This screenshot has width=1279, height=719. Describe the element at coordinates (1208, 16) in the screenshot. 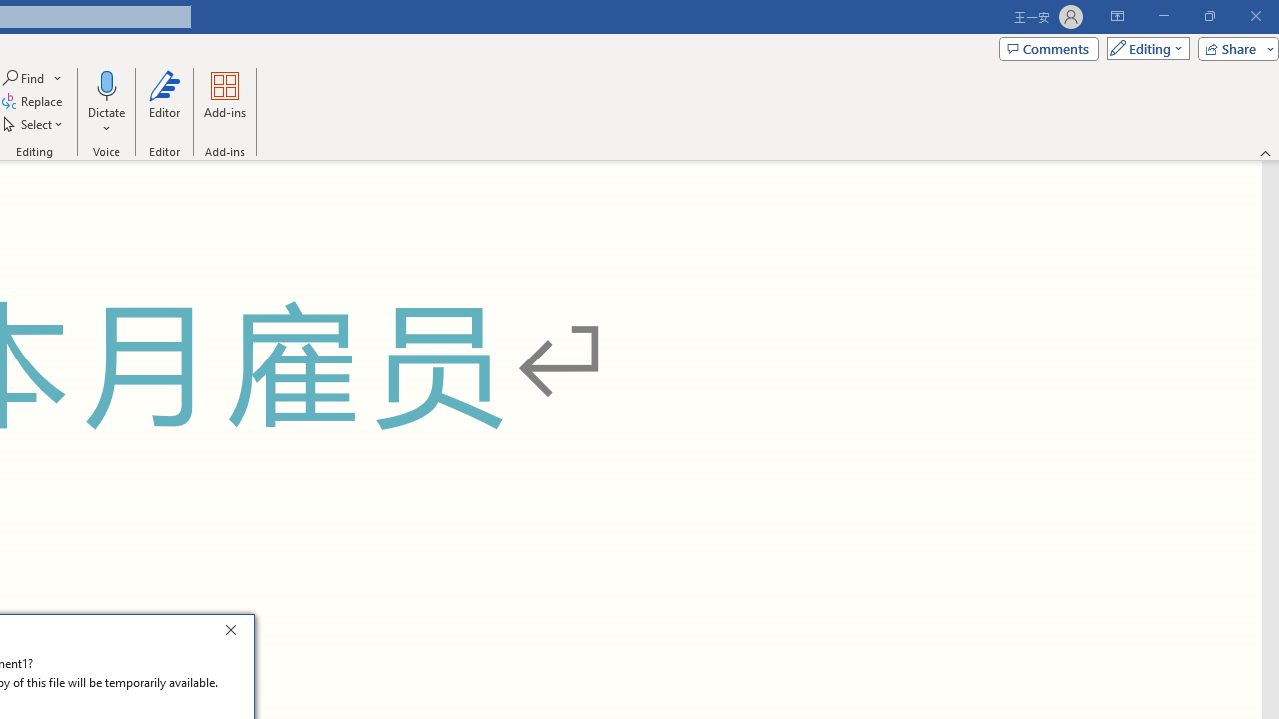

I see `'Restore Down'` at that location.